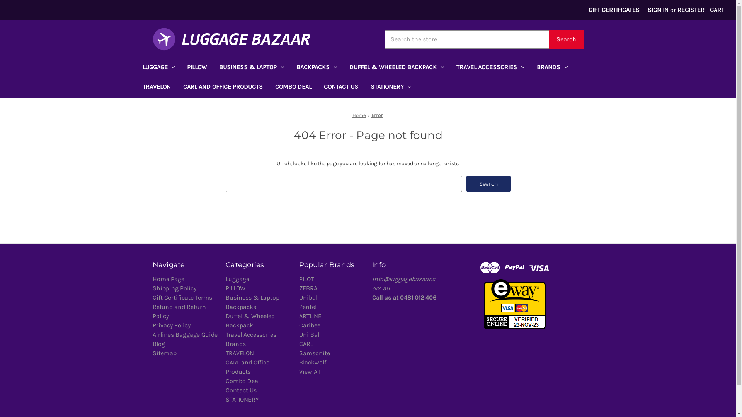 This screenshot has height=417, width=742. Describe the element at coordinates (235, 343) in the screenshot. I see `'Brands'` at that location.